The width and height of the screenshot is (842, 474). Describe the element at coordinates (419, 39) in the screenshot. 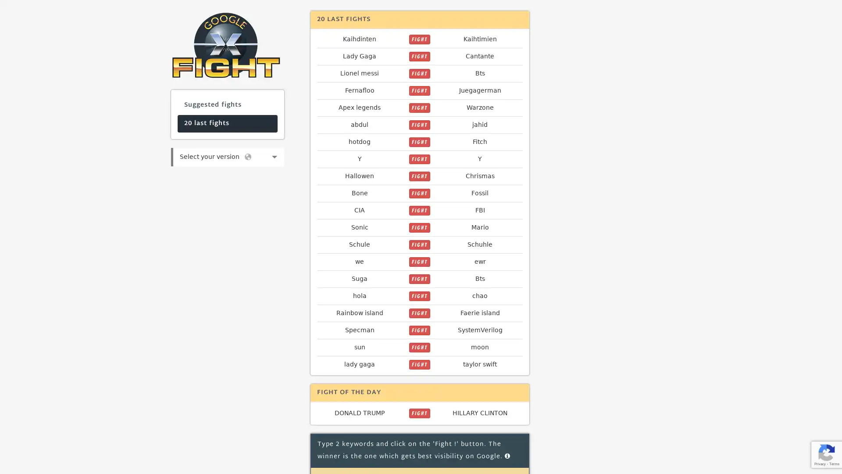

I see `FIGHT` at that location.